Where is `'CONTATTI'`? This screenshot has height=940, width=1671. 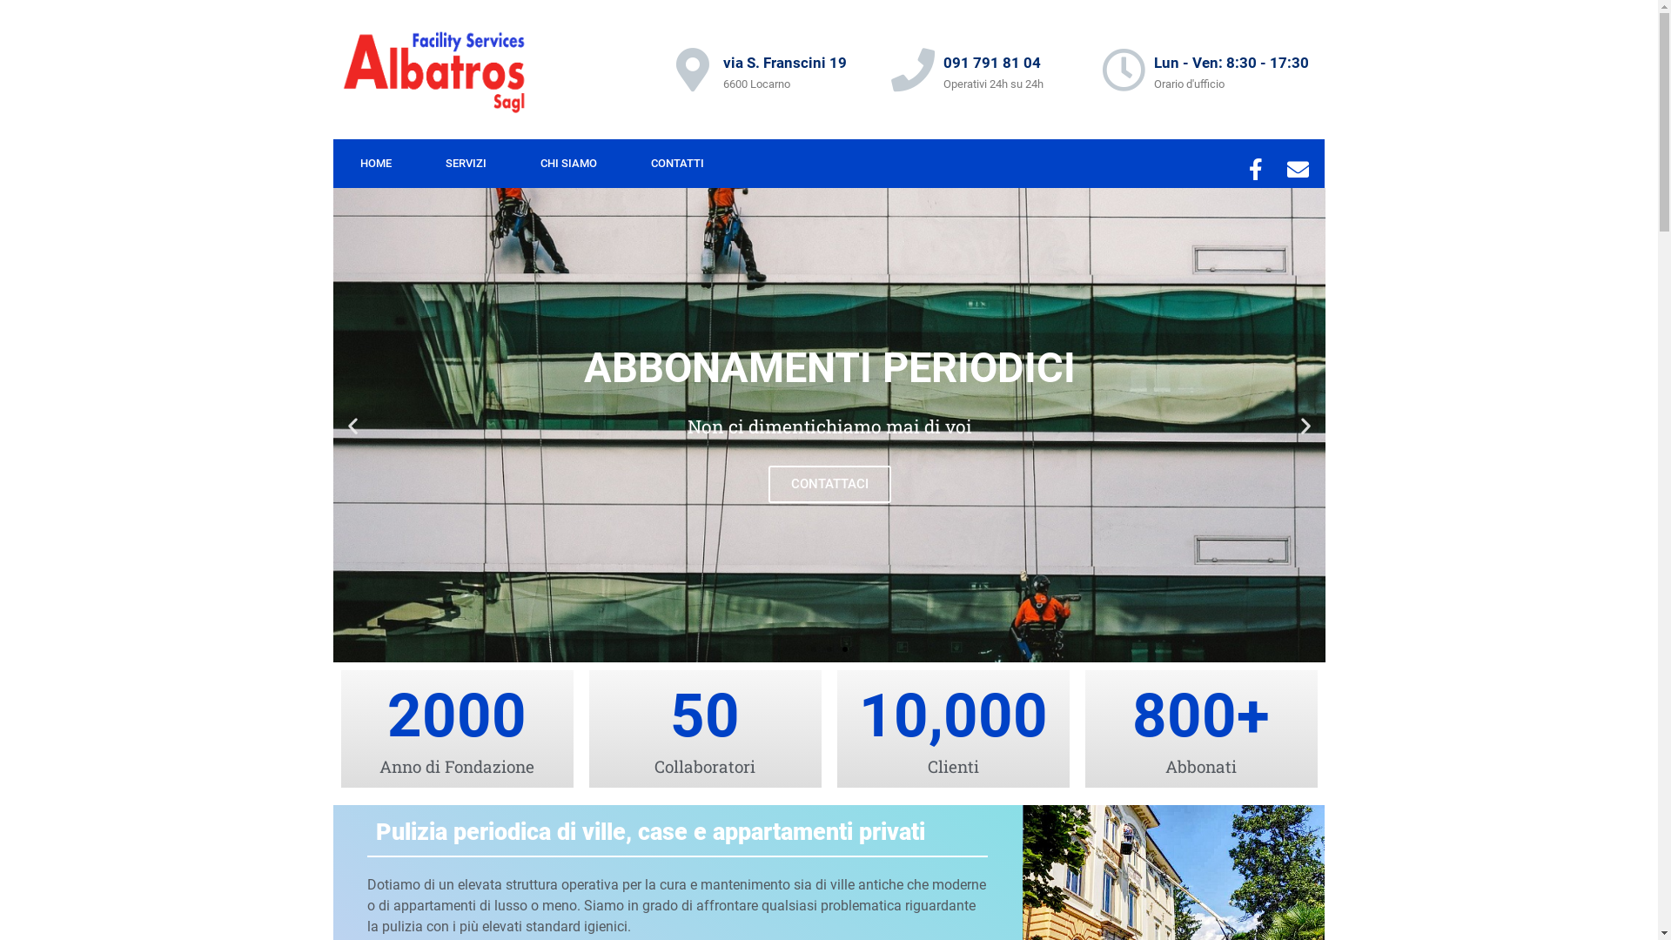
'CONTATTI' is located at coordinates (622, 164).